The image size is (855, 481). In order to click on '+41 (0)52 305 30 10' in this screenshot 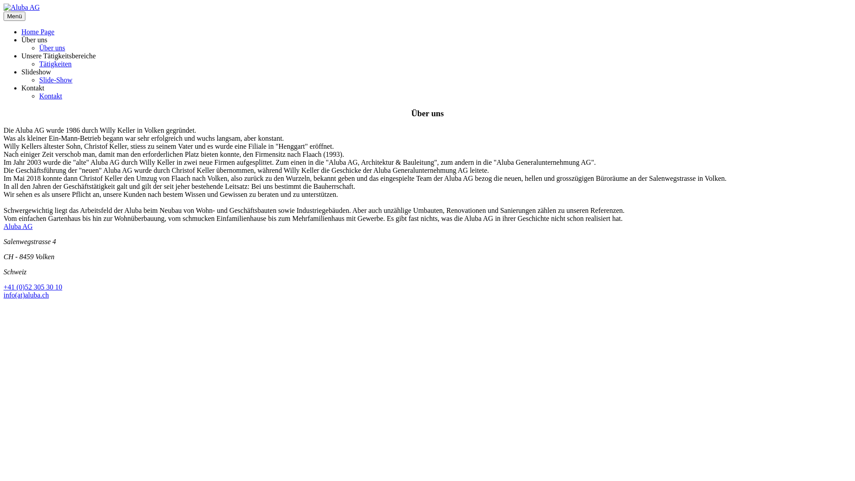, I will do `click(4, 287)`.